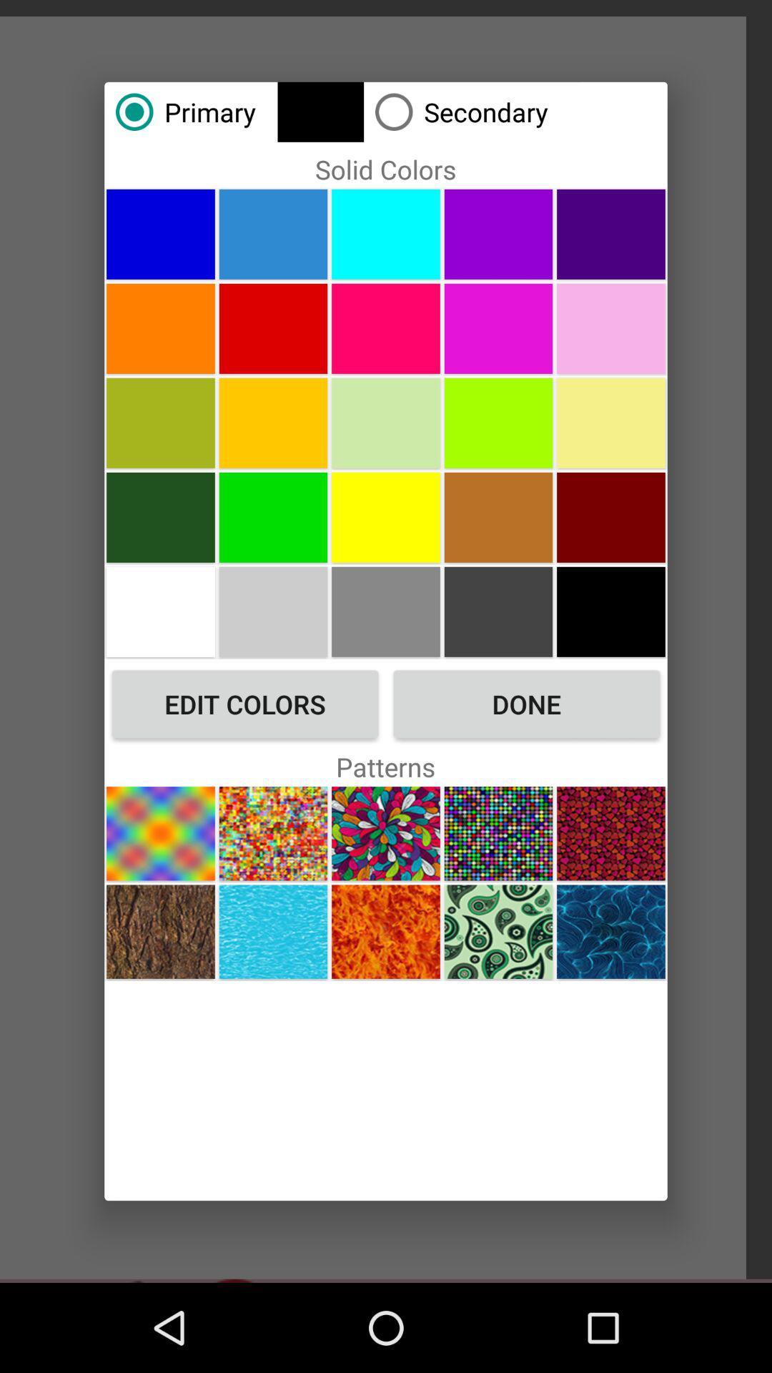 The width and height of the screenshot is (772, 1373). Describe the element at coordinates (611, 932) in the screenshot. I see `a pattern` at that location.